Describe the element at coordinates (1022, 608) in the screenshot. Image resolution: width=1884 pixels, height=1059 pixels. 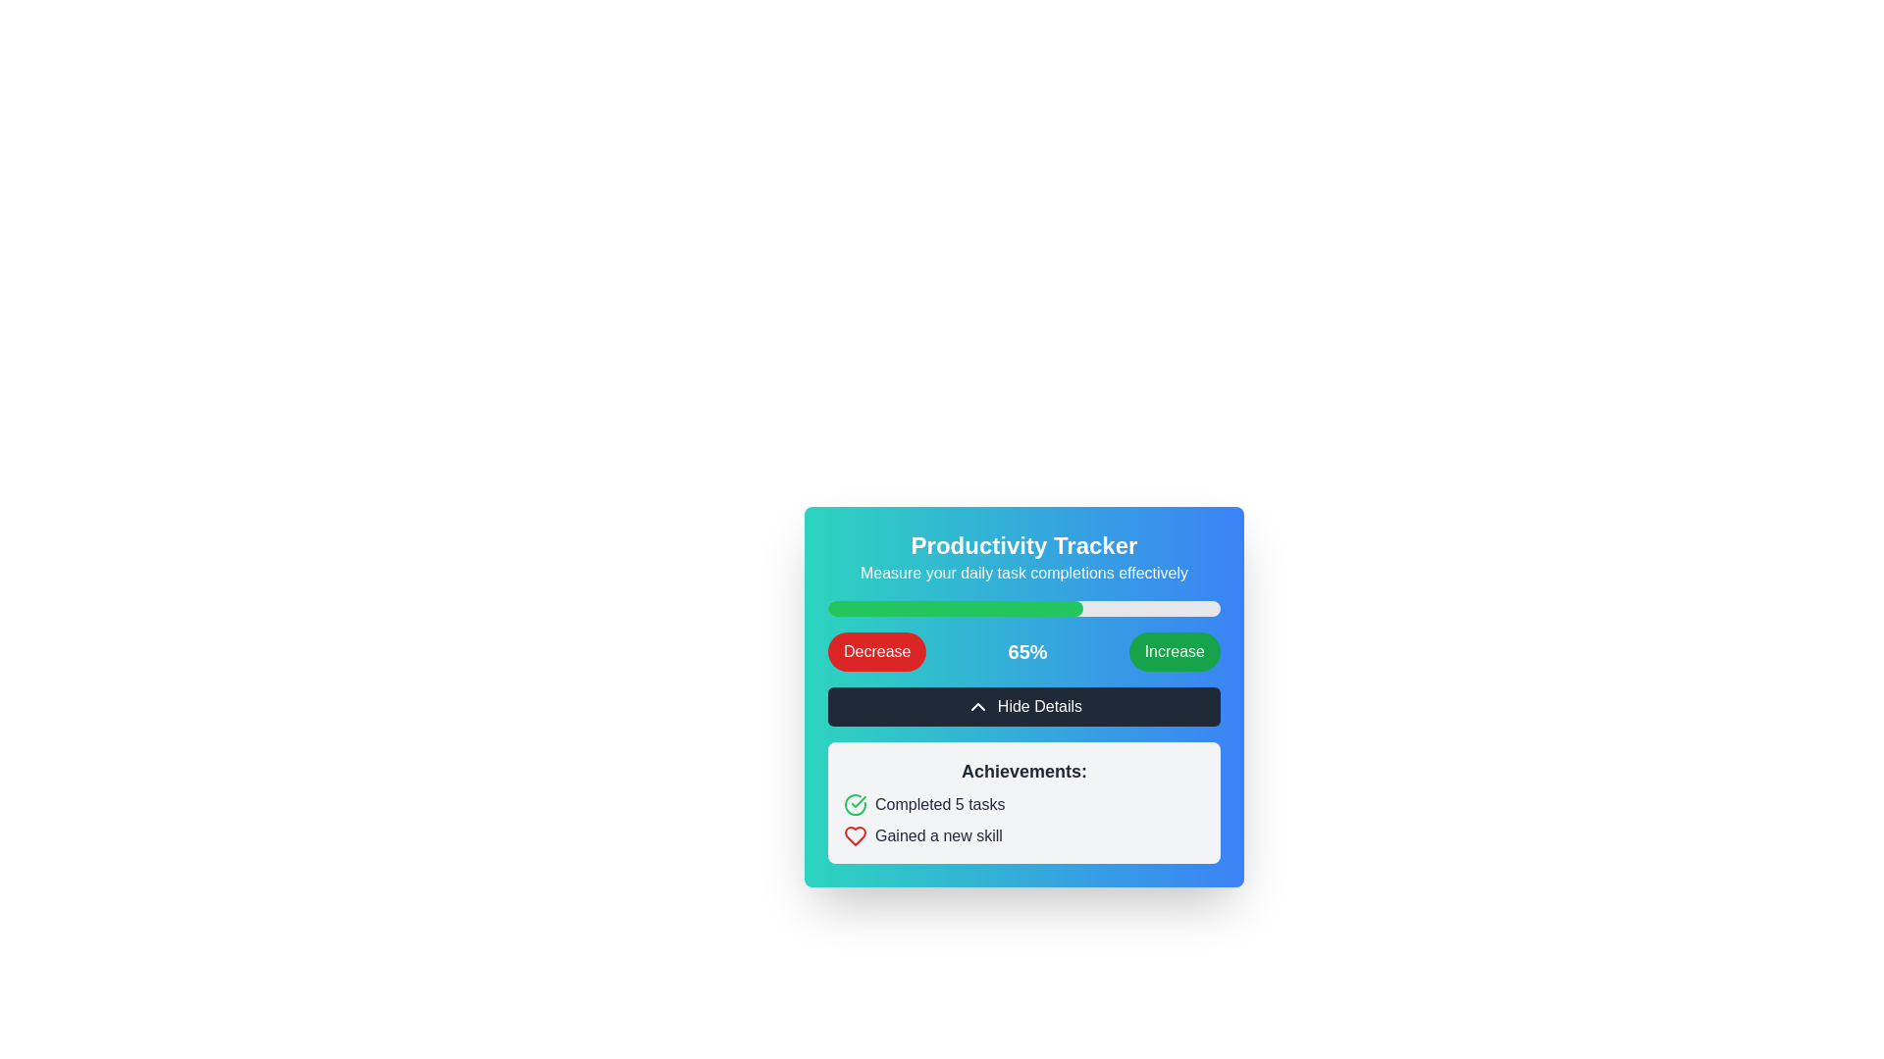
I see `the progress bar located centrally beneath the text 'Measure your daily task completions effectively' and above the row with 'Decrease', '65%', and 'Increase' buttons` at that location.